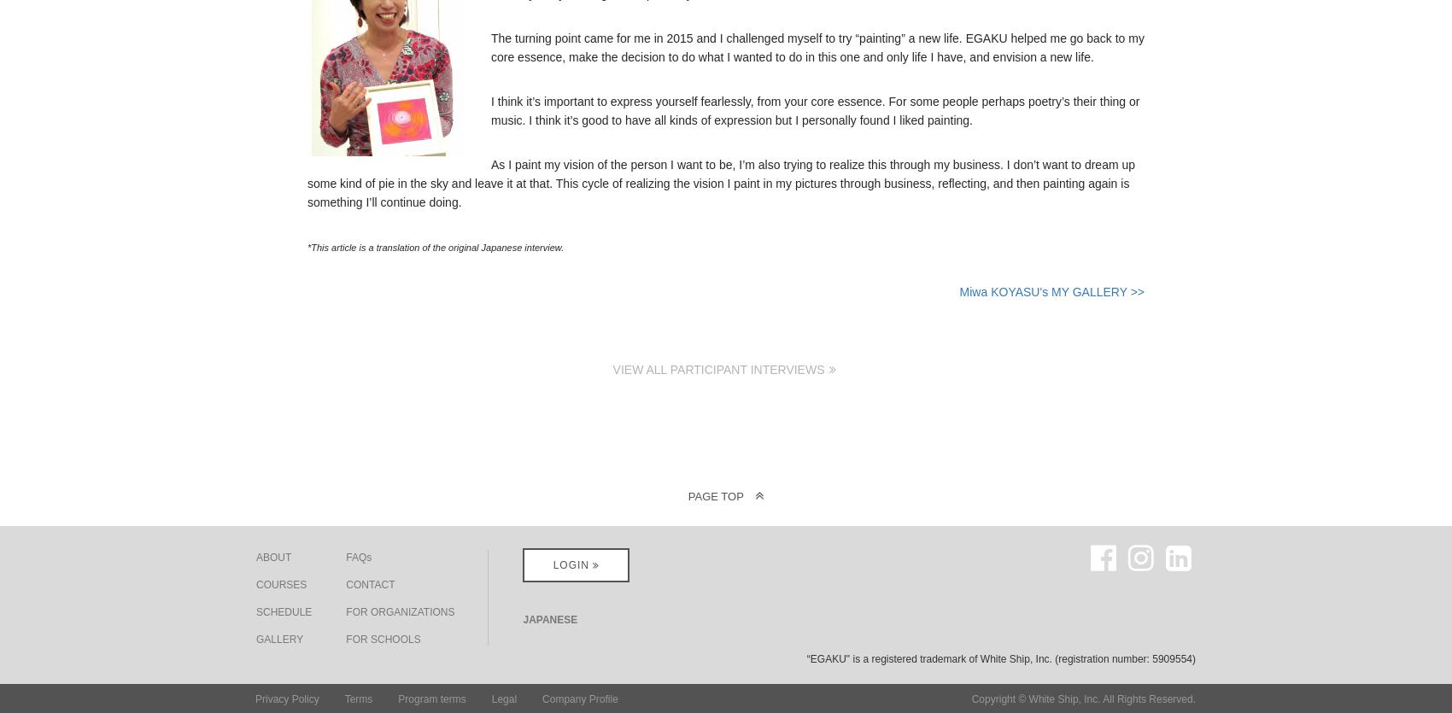  I want to click on 'PAGE TOP', so click(716, 495).